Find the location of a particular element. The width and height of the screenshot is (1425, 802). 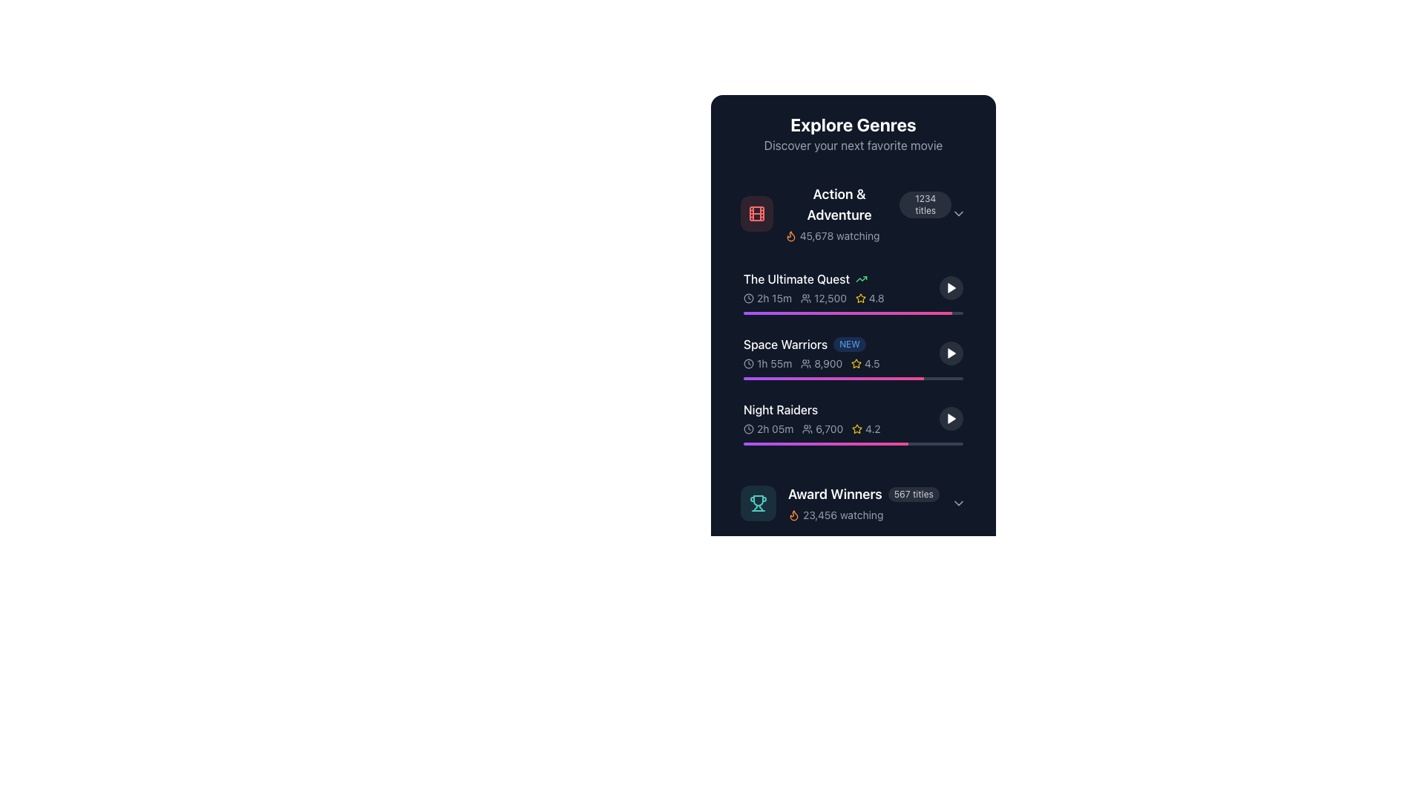

the filmstrip icon located in the 'Action & Adventure' section, which is positioned to the left of the section title text and has a muted red background is located at coordinates (756, 214).